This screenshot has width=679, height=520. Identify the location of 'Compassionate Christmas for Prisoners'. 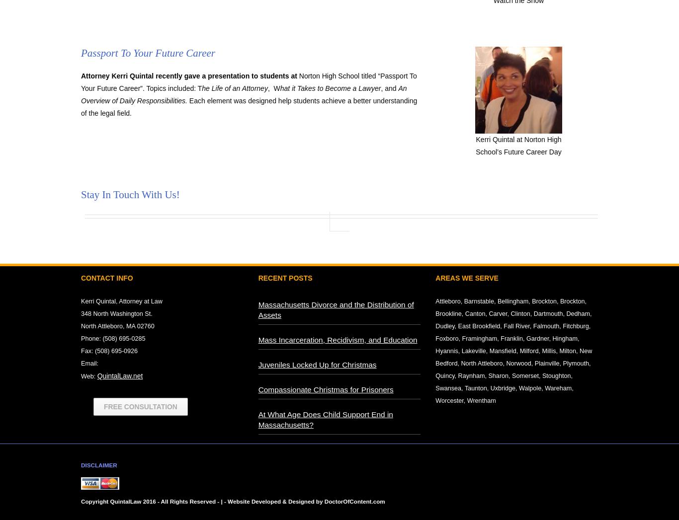
(325, 389).